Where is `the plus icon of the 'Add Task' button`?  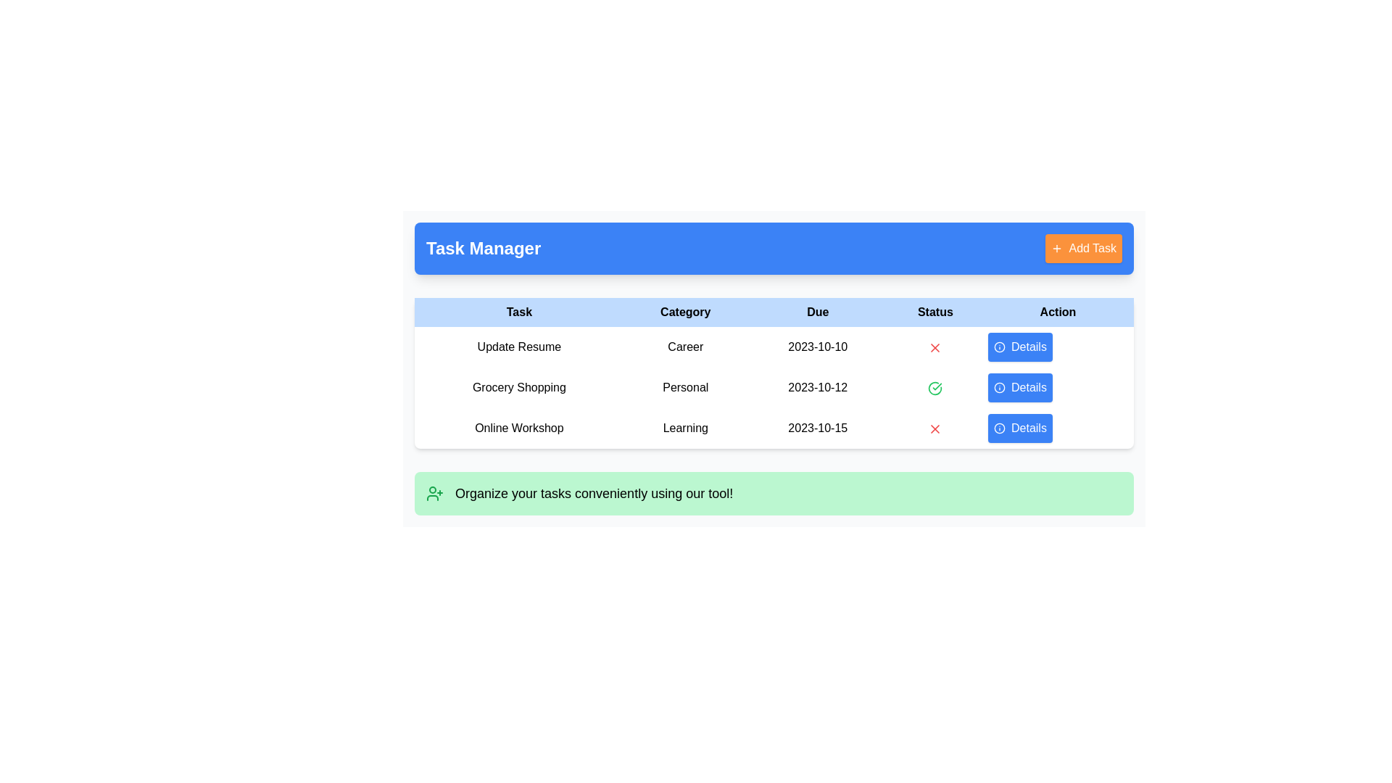
the plus icon of the 'Add Task' button is located at coordinates (1057, 248).